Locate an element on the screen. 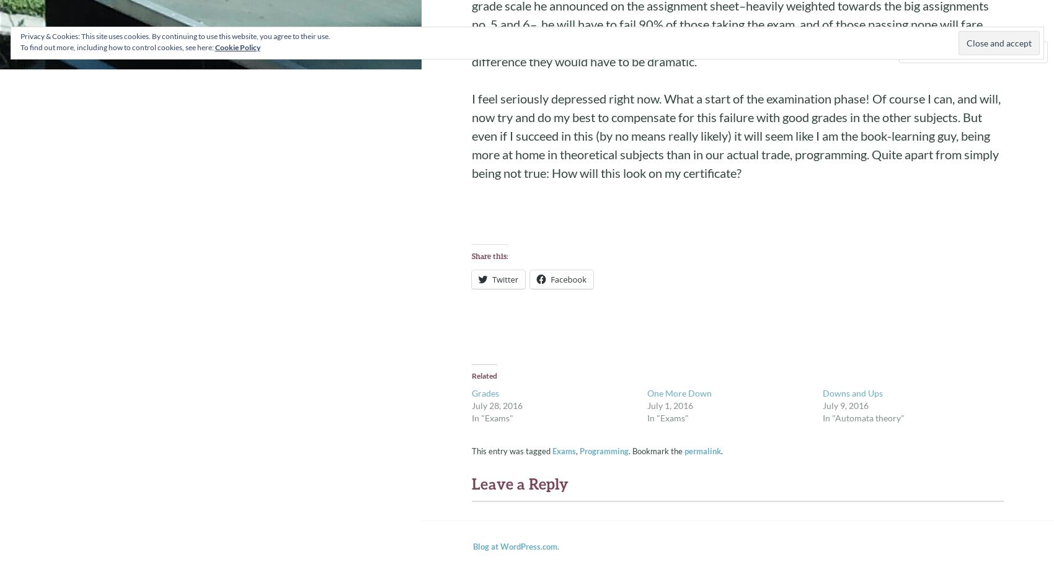 This screenshot has height=585, width=1054. '.' is located at coordinates (722, 451).